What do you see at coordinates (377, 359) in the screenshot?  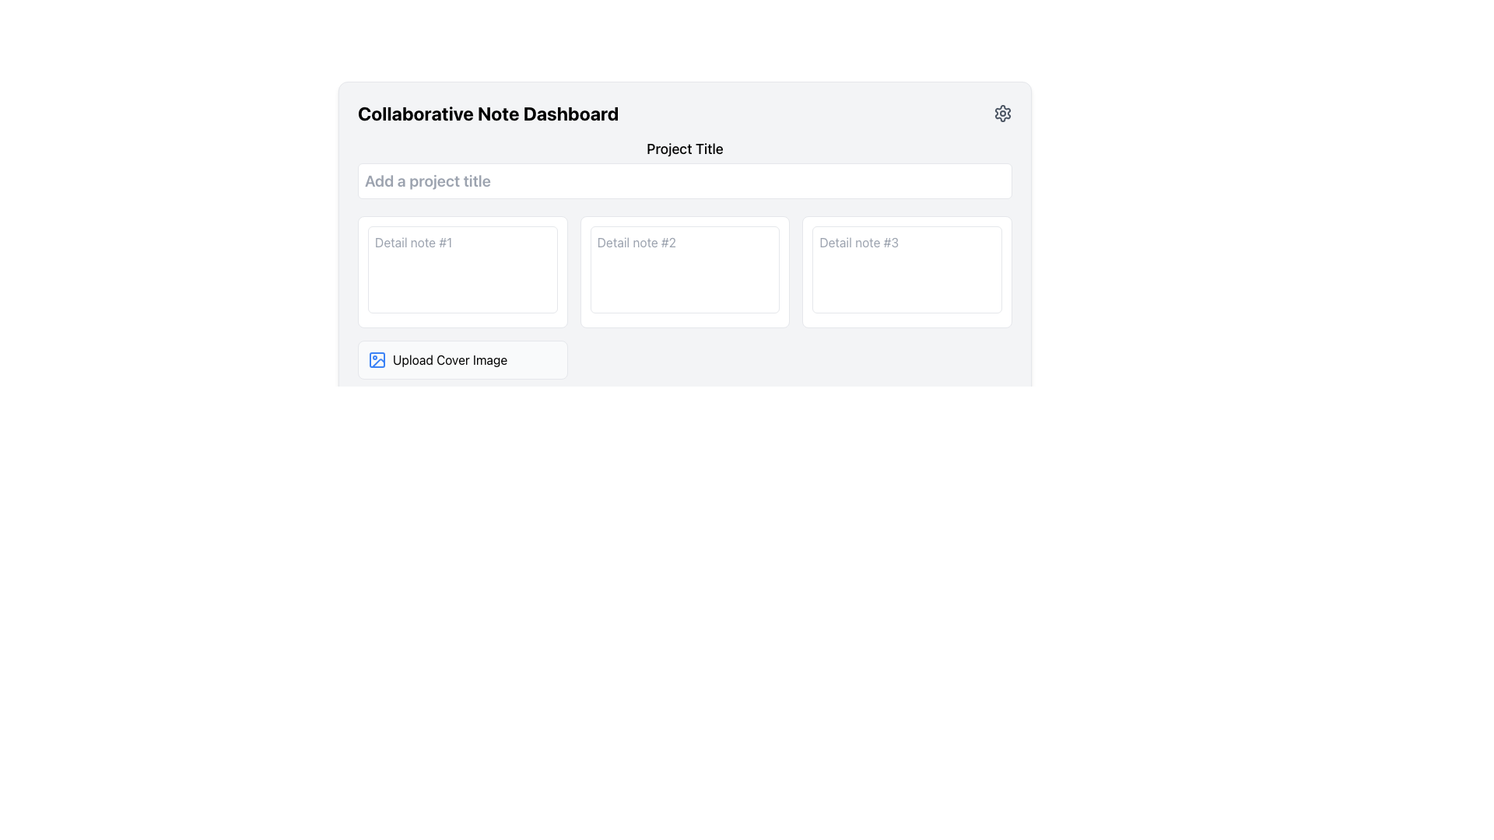 I see `the 'Upload Cover Image' icon, which is located at the left side of the text label` at bounding box center [377, 359].